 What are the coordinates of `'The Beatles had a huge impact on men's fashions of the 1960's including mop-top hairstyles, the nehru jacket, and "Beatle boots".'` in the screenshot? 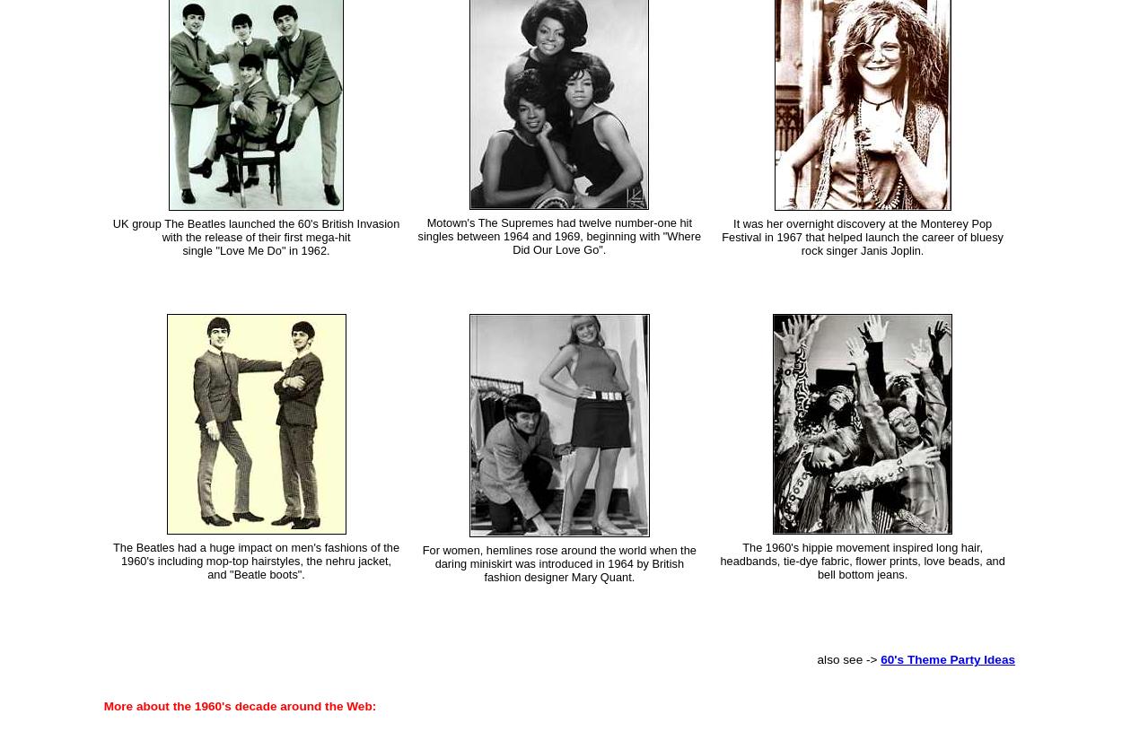 It's located at (256, 560).